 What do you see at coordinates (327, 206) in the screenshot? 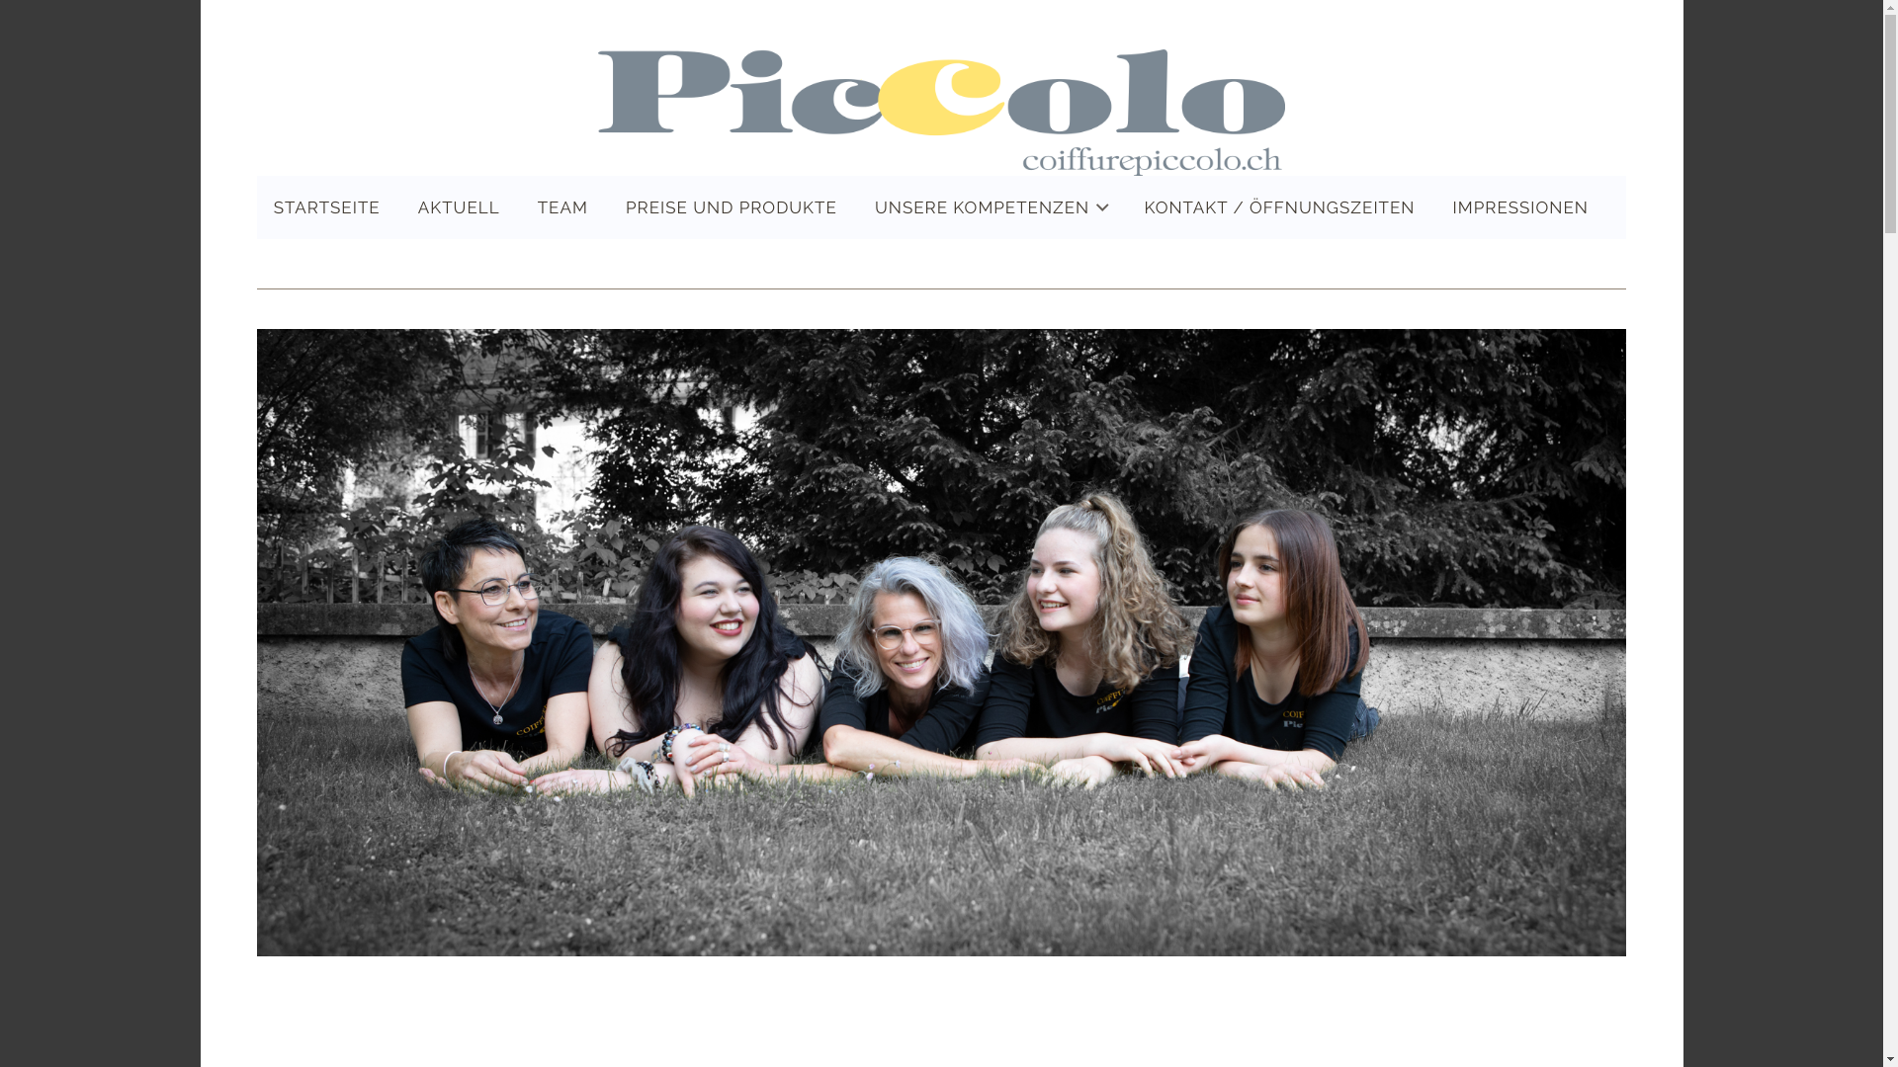
I see `'STARTSEITE'` at bounding box center [327, 206].